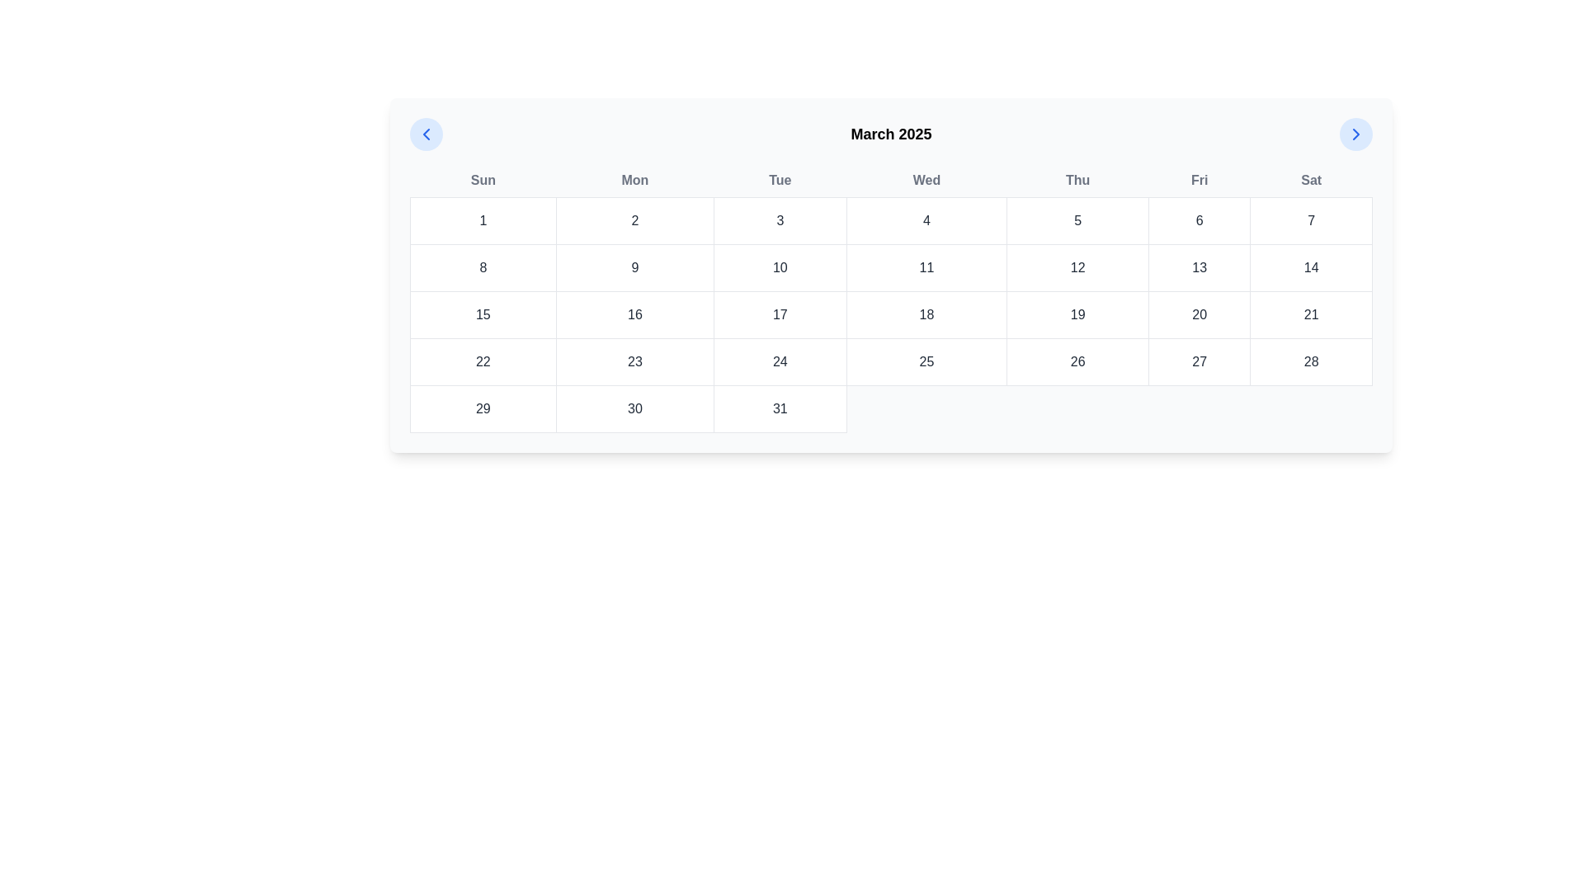 The image size is (1584, 891). I want to click on the calendar cell representing day 30, which is located in the bottom row of the calendar grid between the cells for days 29 and 31, so click(634, 408).